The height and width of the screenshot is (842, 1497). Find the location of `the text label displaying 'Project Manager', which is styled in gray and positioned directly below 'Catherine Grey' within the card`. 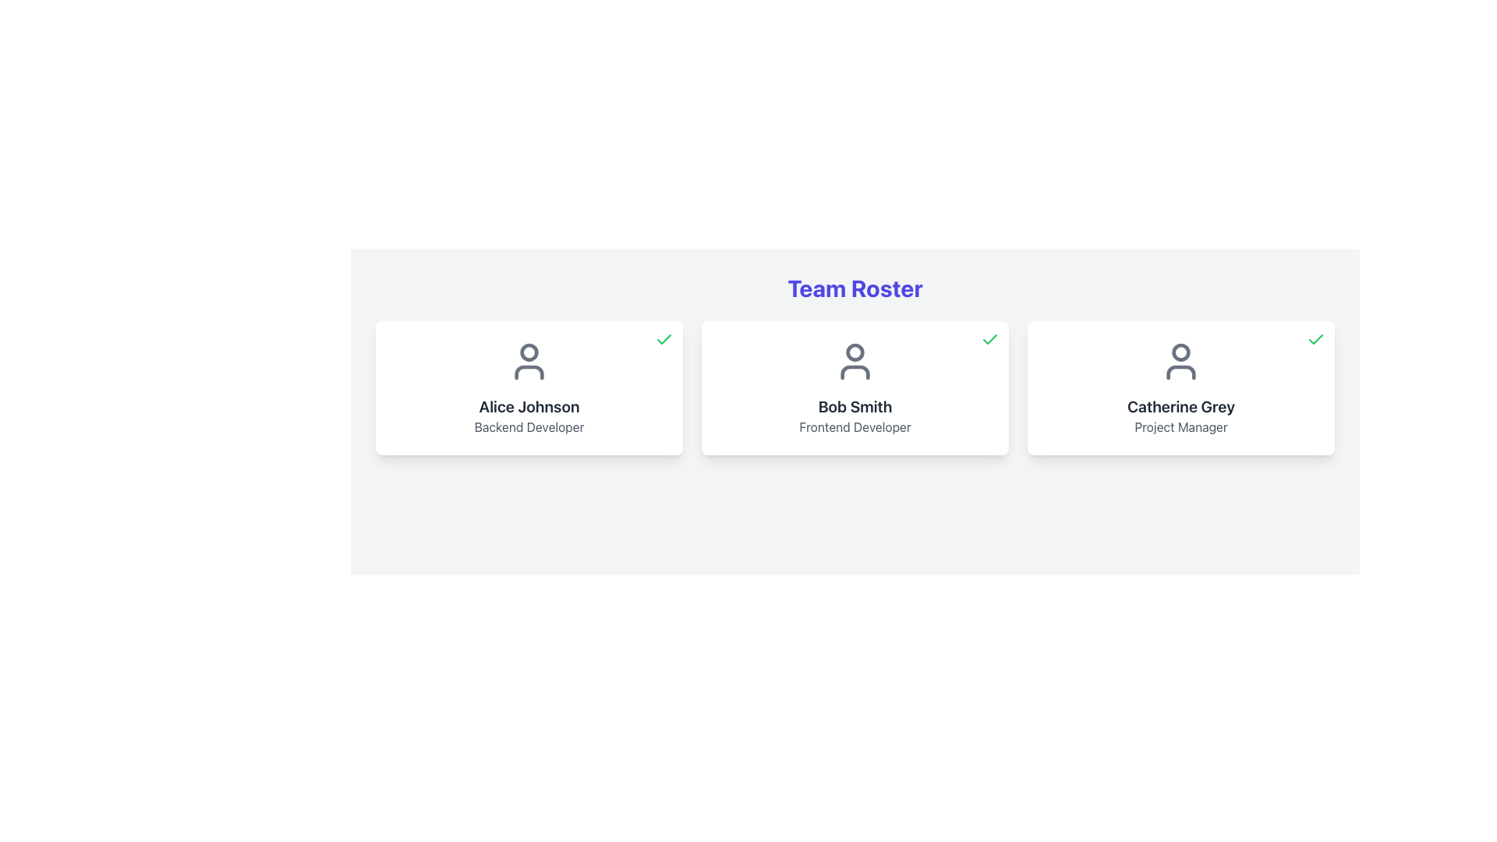

the text label displaying 'Project Manager', which is styled in gray and positioned directly below 'Catherine Grey' within the card is located at coordinates (1181, 426).